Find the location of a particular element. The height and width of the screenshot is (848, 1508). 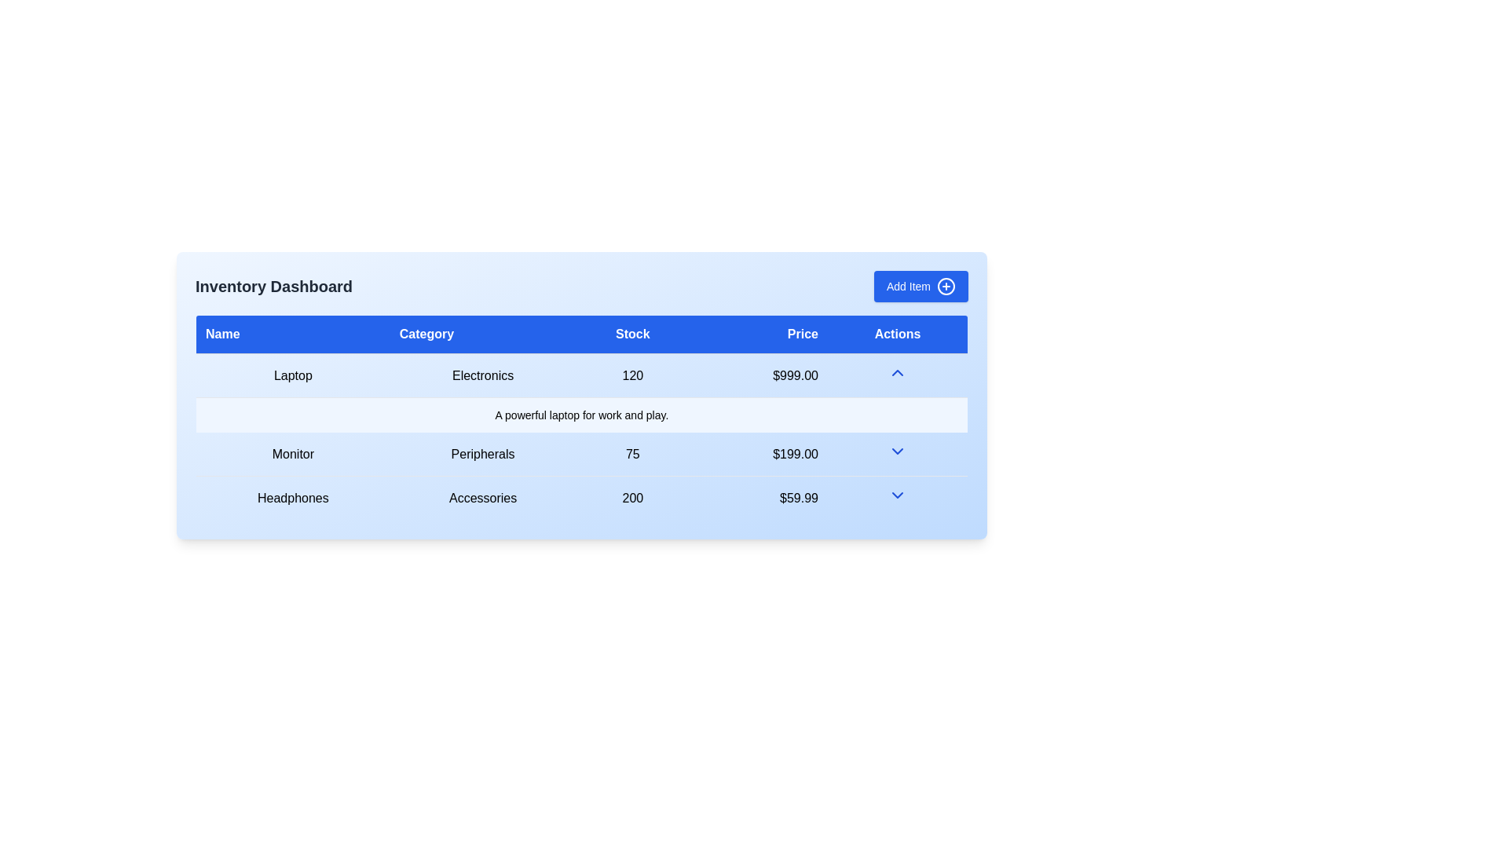

the numerical text display showing '200' in the 'Stock' column of the last row for the 'Headphones' entry in the table is located at coordinates (632, 498).